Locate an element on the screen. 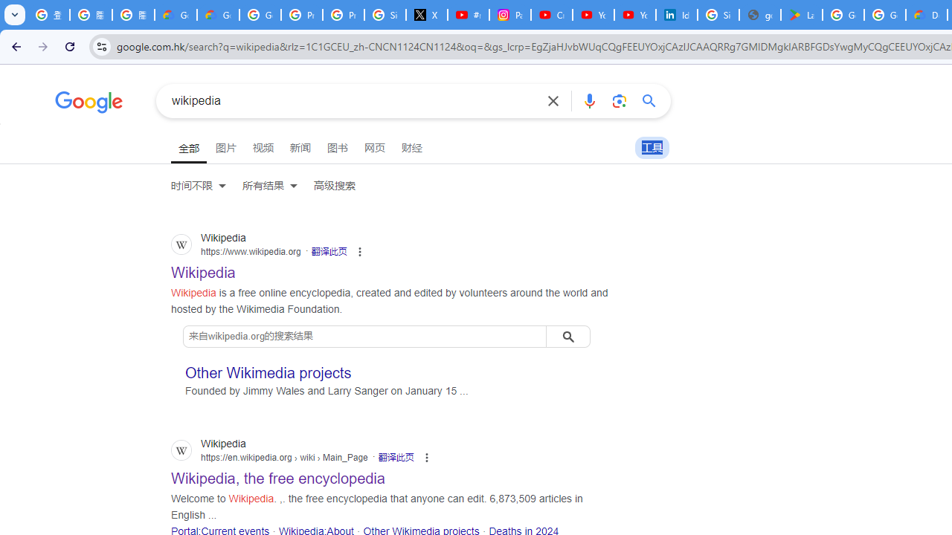 The height and width of the screenshot is (535, 952). 'Google Workspace - Specific Terms' is located at coordinates (885, 15).